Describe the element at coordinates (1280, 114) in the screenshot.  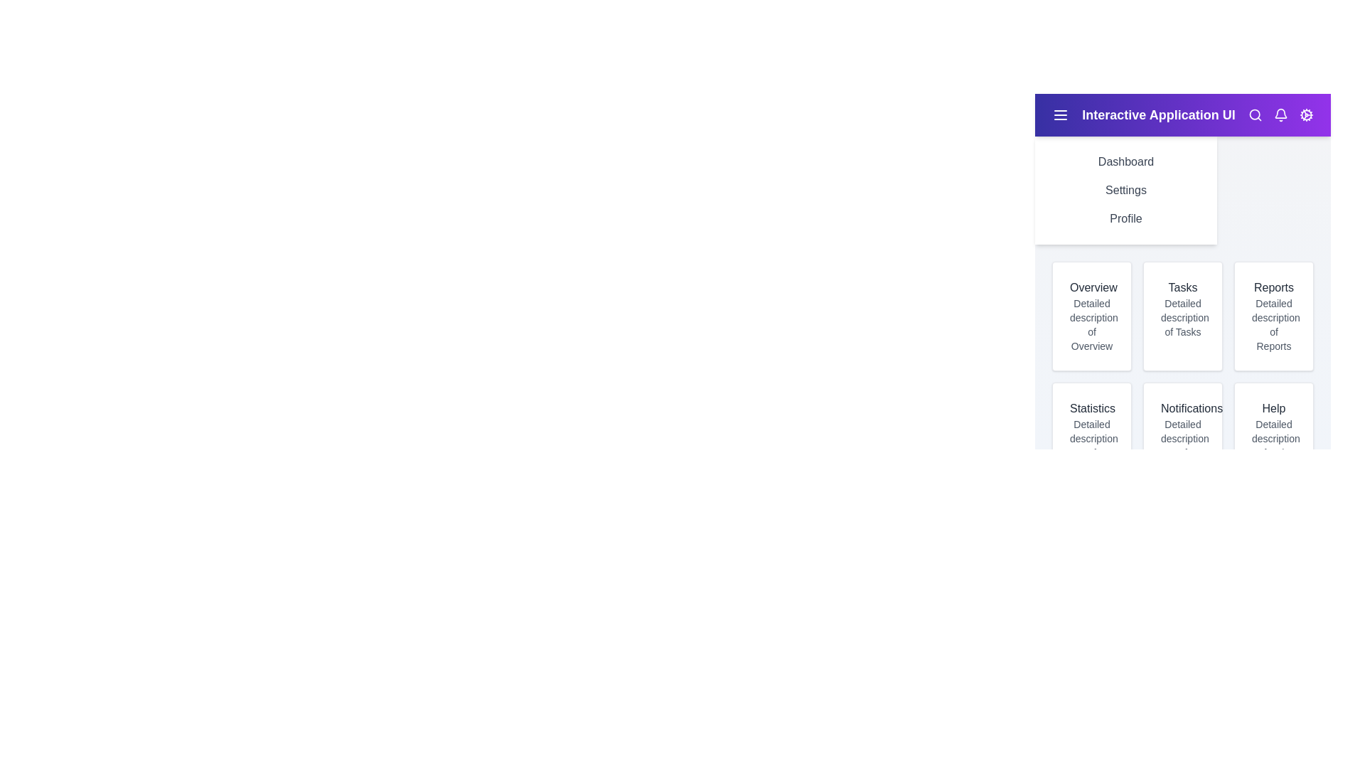
I see `the bell icon to view notifications` at that location.